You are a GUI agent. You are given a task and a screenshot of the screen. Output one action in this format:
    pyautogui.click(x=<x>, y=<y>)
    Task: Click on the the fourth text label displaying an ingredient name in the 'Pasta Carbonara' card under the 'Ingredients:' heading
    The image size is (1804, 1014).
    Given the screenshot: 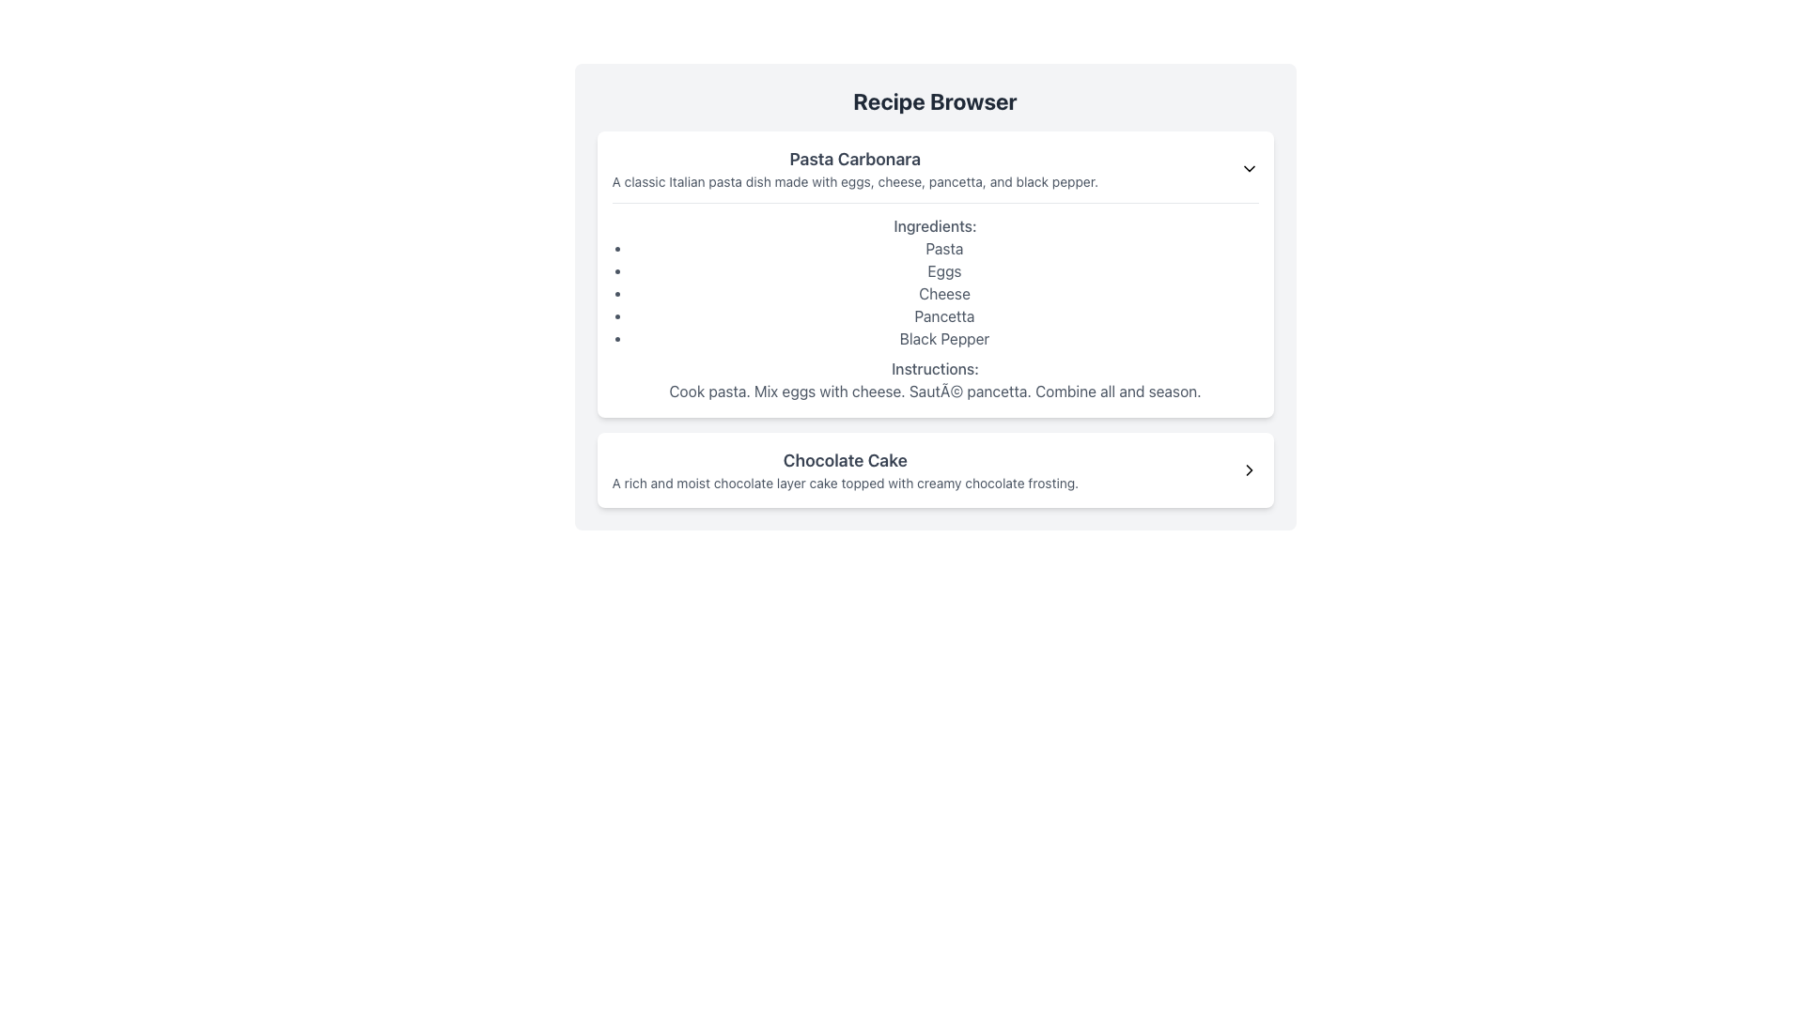 What is the action you would take?
    pyautogui.click(x=944, y=315)
    